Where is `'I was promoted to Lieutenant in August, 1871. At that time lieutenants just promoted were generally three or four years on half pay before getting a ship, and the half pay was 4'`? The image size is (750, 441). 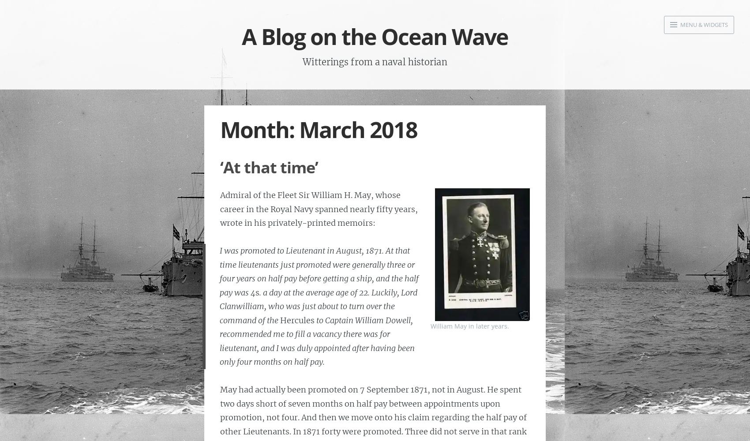
'I was promoted to Lieutenant in August, 1871. At that time lieutenants just promoted were generally three or four years on half pay before getting a ship, and the half pay was 4' is located at coordinates (319, 271).